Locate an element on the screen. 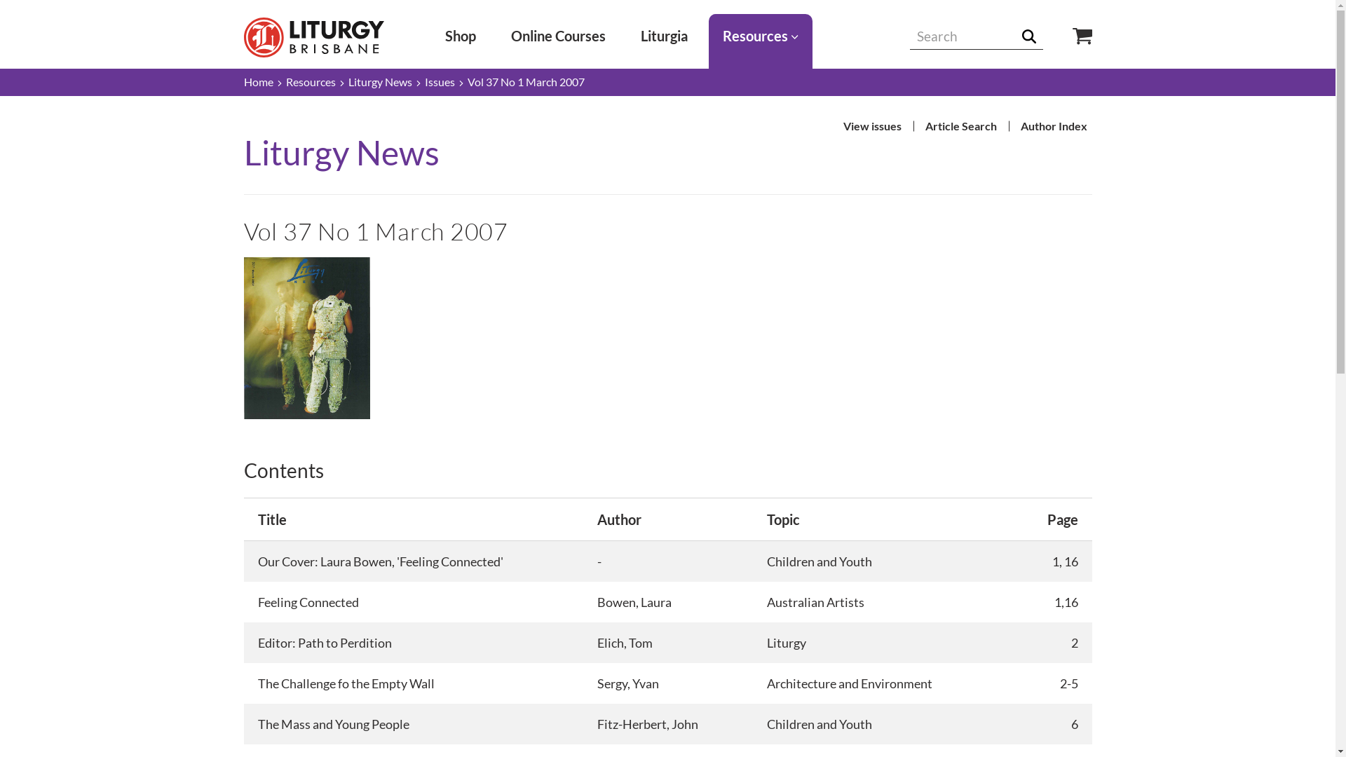 The width and height of the screenshot is (1346, 757). 'Liturgia' is located at coordinates (663, 35).